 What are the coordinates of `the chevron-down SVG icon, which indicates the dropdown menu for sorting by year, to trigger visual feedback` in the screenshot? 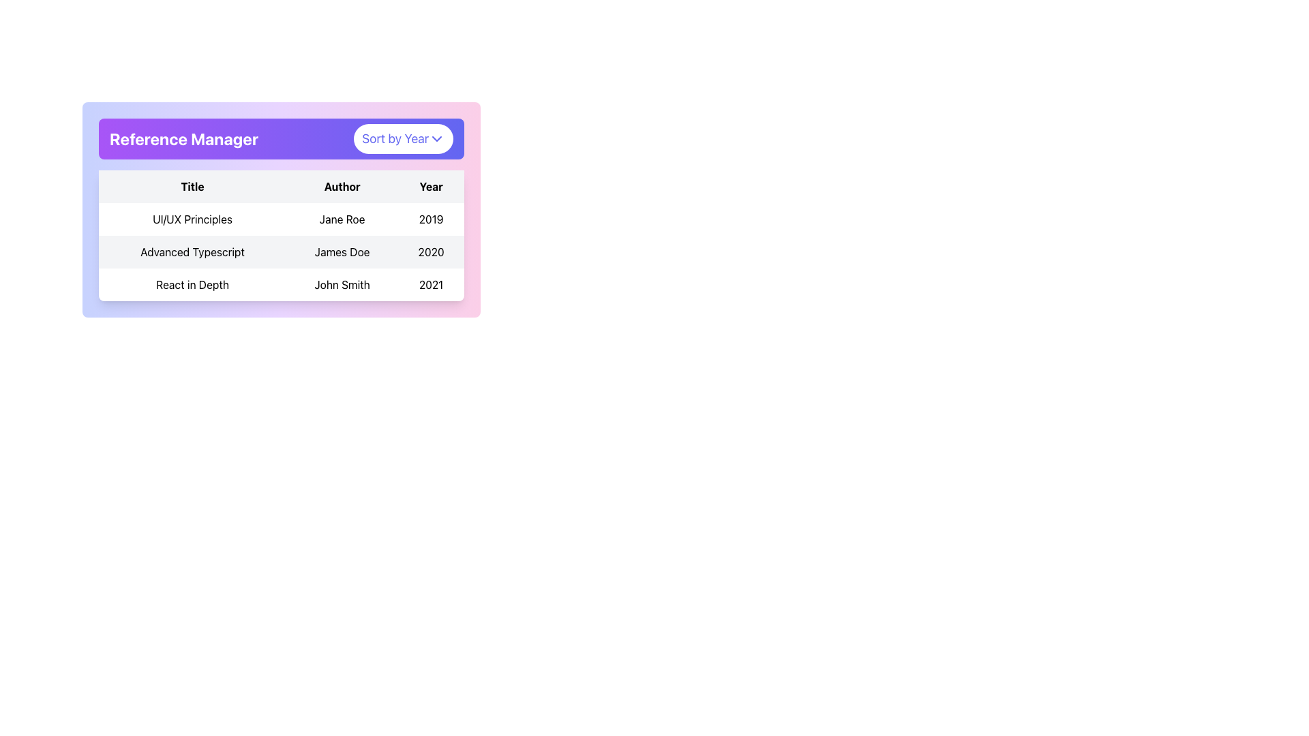 It's located at (437, 139).